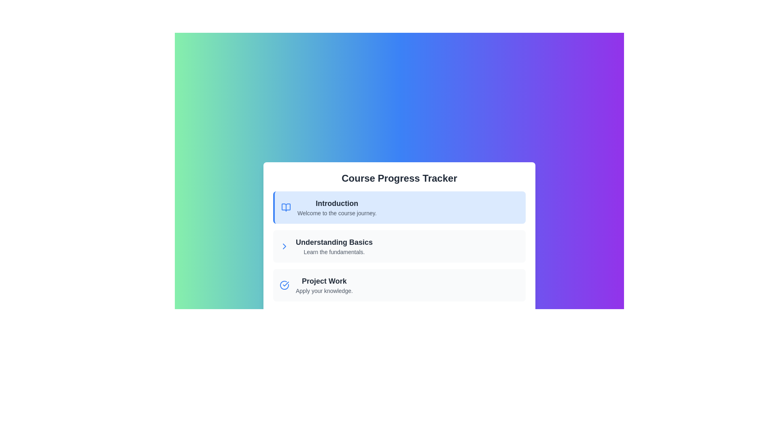 Image resolution: width=777 pixels, height=437 pixels. Describe the element at coordinates (399, 246) in the screenshot. I see `the List Item titled 'Understanding Basics' which is the second item in a vertically stacked list` at that location.